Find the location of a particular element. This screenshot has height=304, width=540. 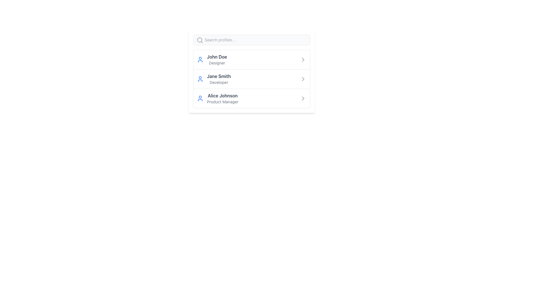

the profile user name label located at the top-left of the first profile card, above the 'Designer' descriptor is located at coordinates (217, 57).